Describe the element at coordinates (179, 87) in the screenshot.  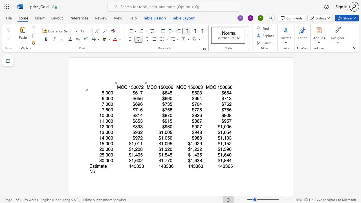
I see `the space between the continuous character "M" and "C" in the text` at that location.